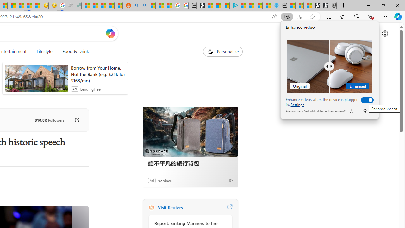 The width and height of the screenshot is (405, 228). Describe the element at coordinates (90, 89) in the screenshot. I see `'LendingTree'` at that location.